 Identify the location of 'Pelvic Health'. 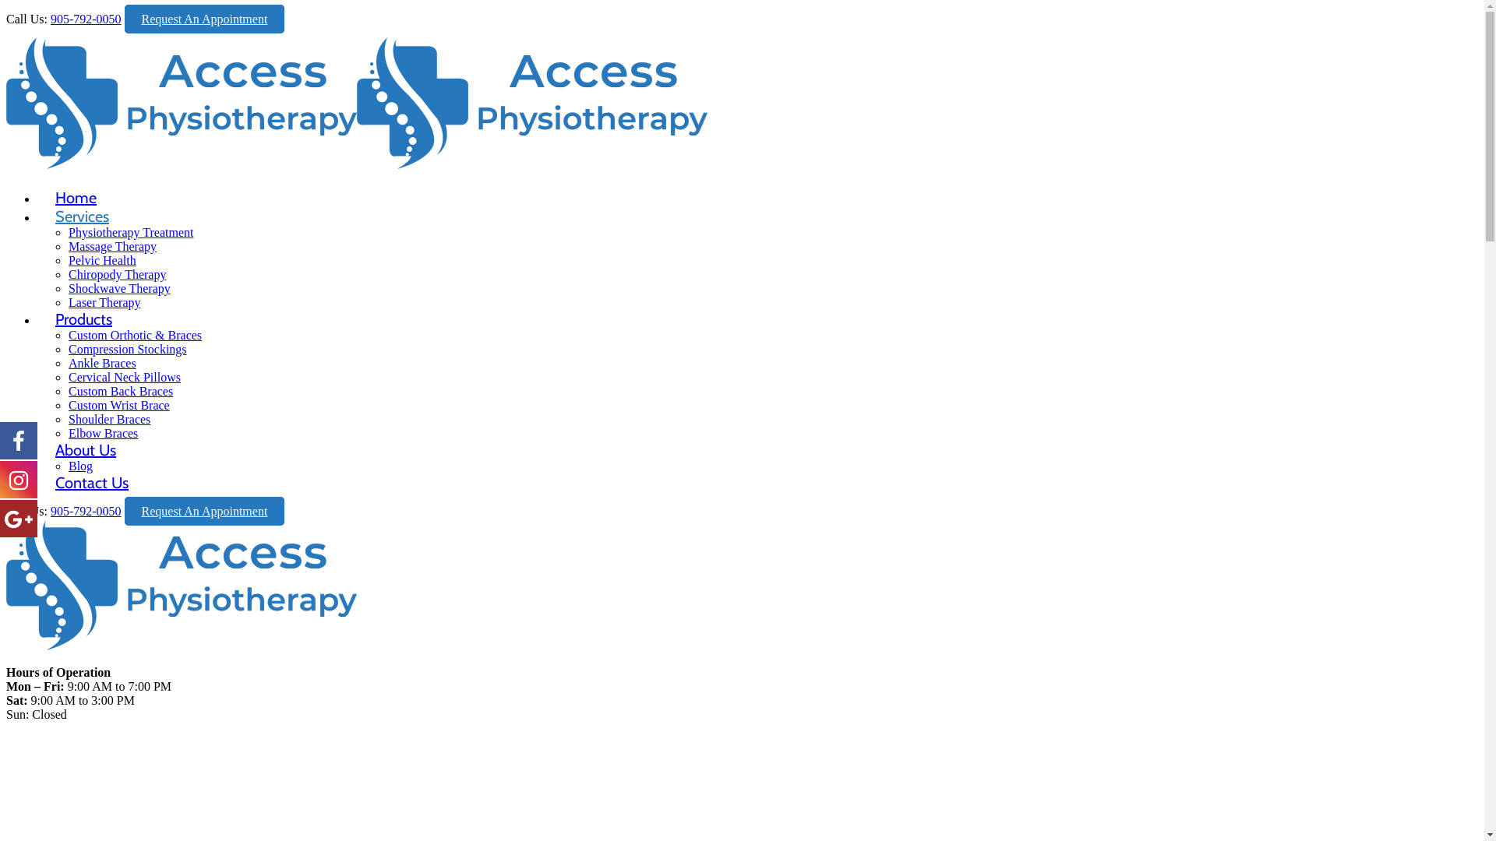
(101, 259).